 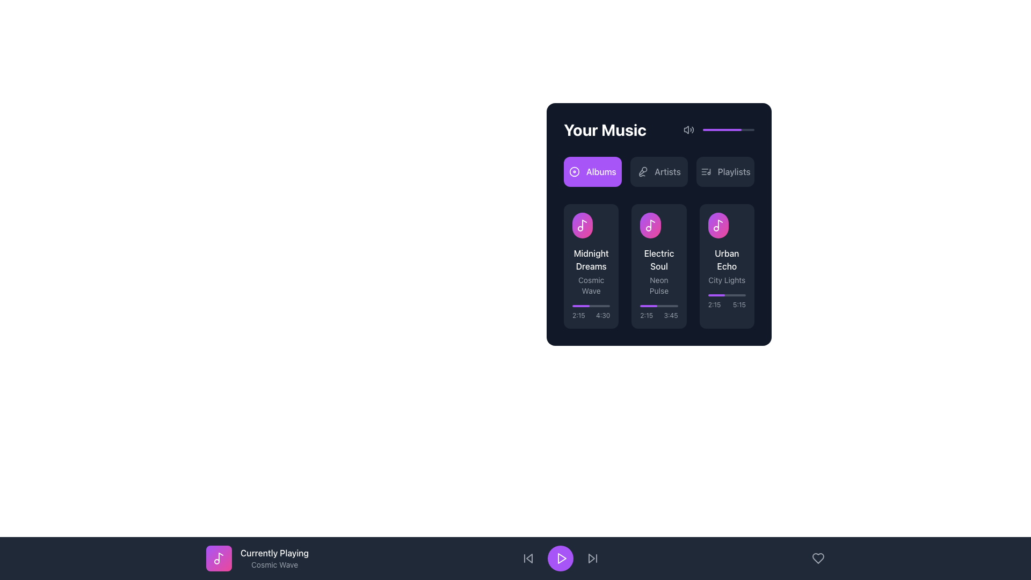 What do you see at coordinates (734, 171) in the screenshot?
I see `the 'Playlists' navigation tab located in the top-right of the 'Your Music' section` at bounding box center [734, 171].